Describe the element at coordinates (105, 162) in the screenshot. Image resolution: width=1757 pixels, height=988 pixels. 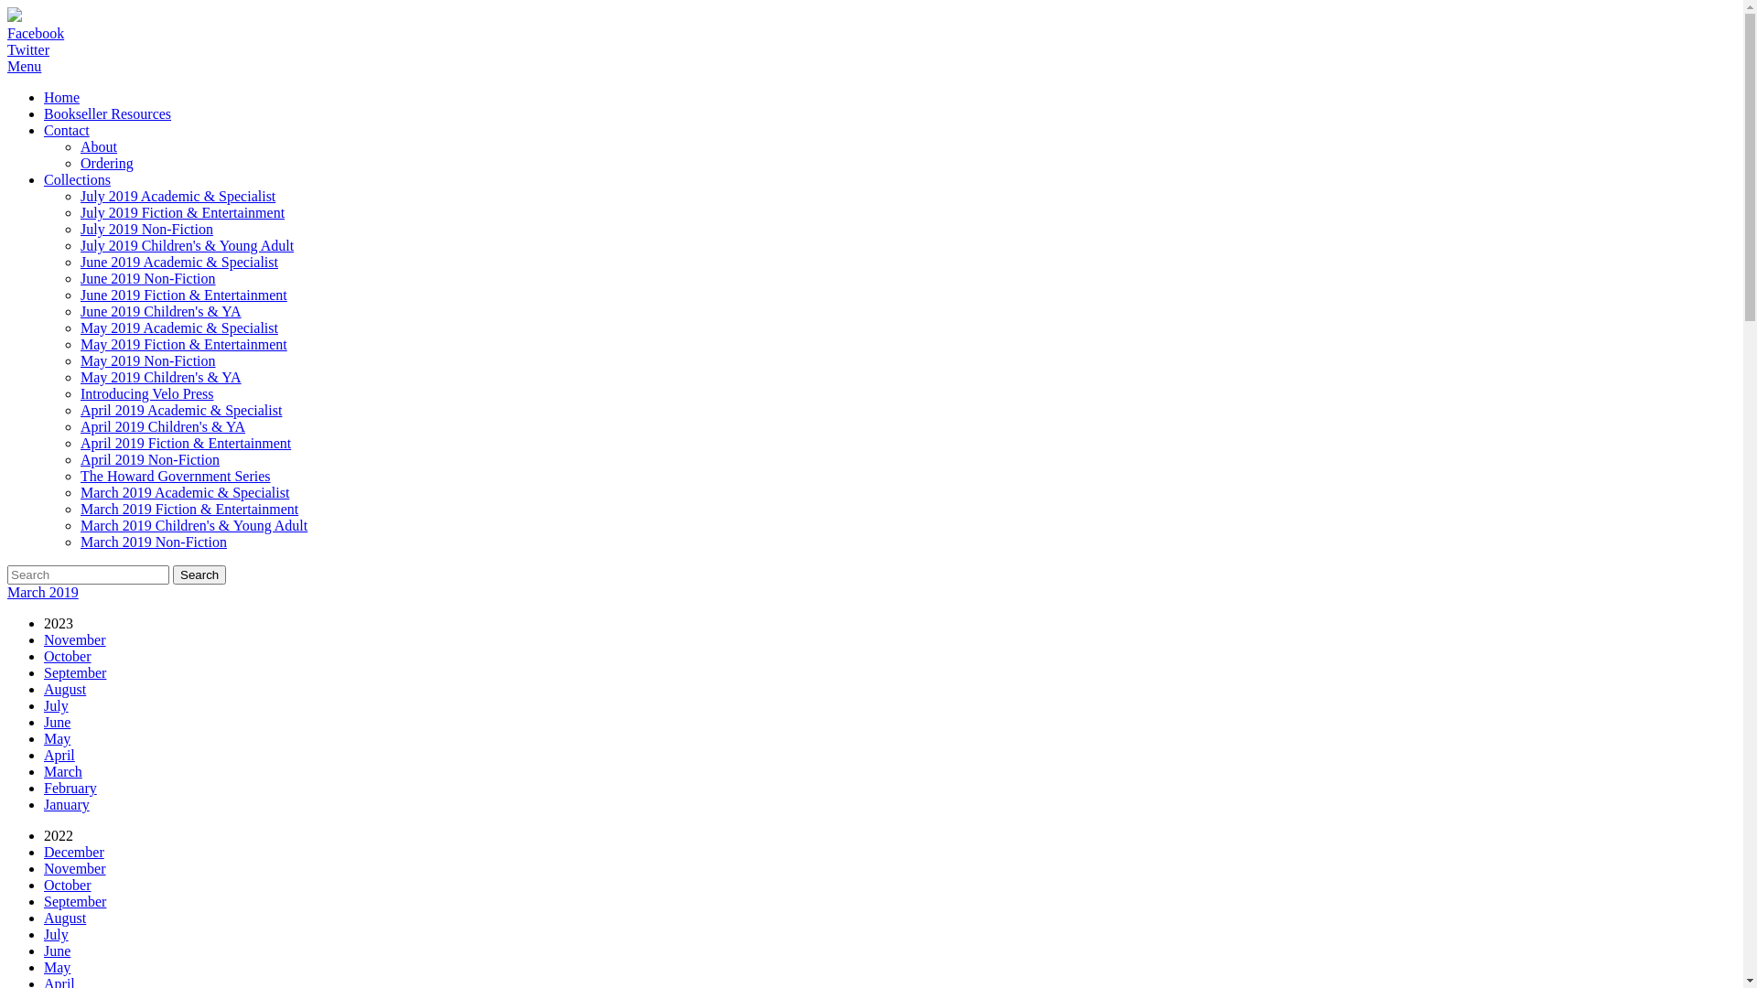
I see `'Ordering'` at that location.